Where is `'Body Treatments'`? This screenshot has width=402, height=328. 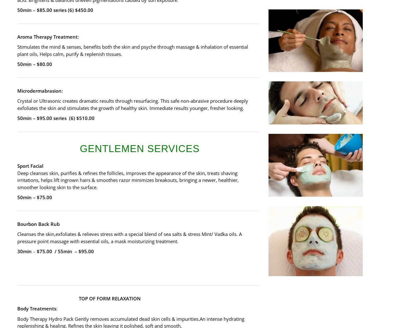 'Body Treatments' is located at coordinates (36, 308).